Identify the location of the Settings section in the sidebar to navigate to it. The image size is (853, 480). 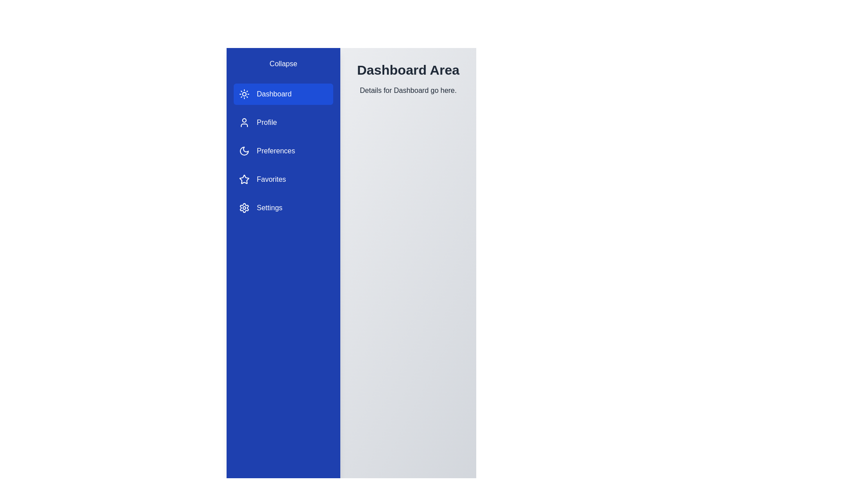
(283, 208).